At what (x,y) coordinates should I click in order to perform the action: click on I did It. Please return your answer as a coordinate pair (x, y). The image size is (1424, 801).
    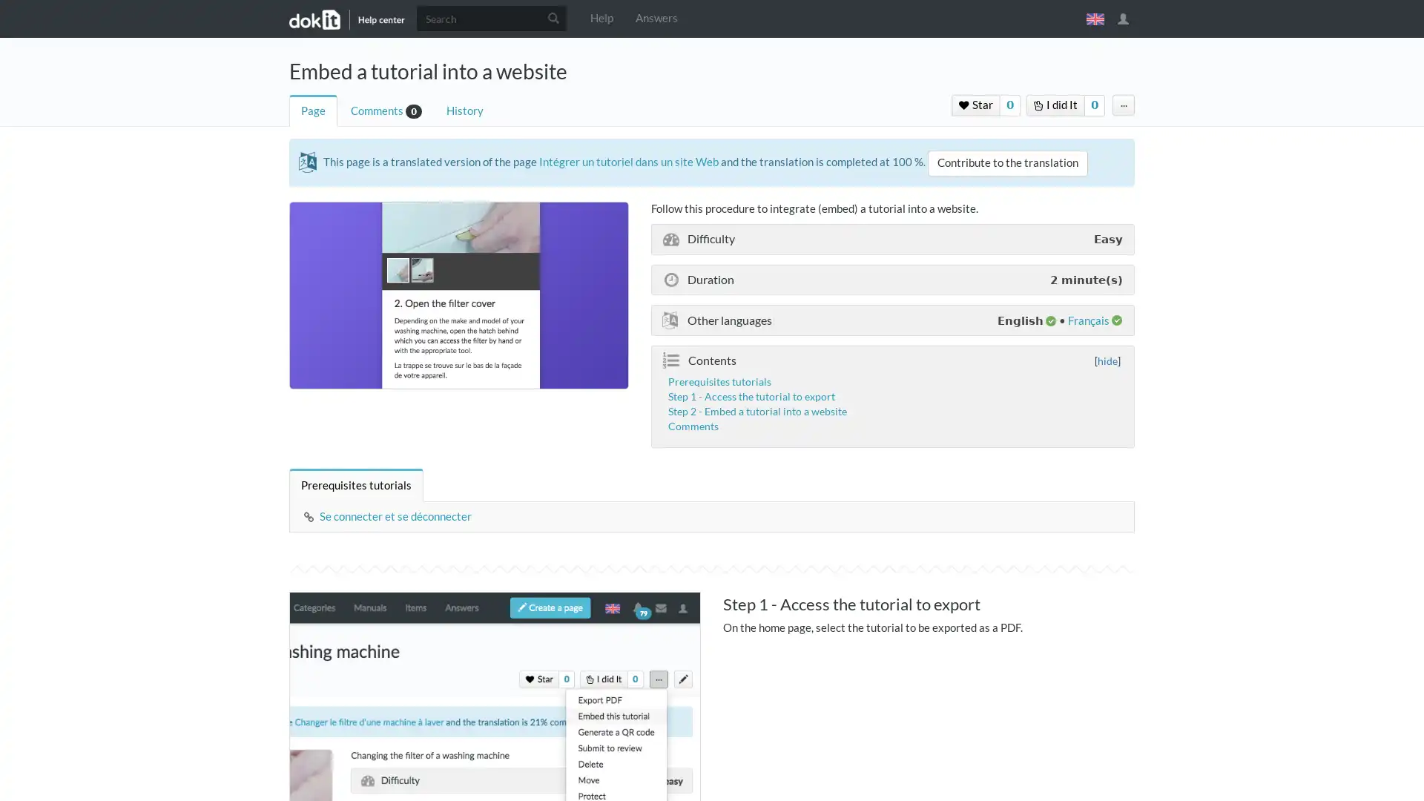
    Looking at the image, I should click on (1055, 105).